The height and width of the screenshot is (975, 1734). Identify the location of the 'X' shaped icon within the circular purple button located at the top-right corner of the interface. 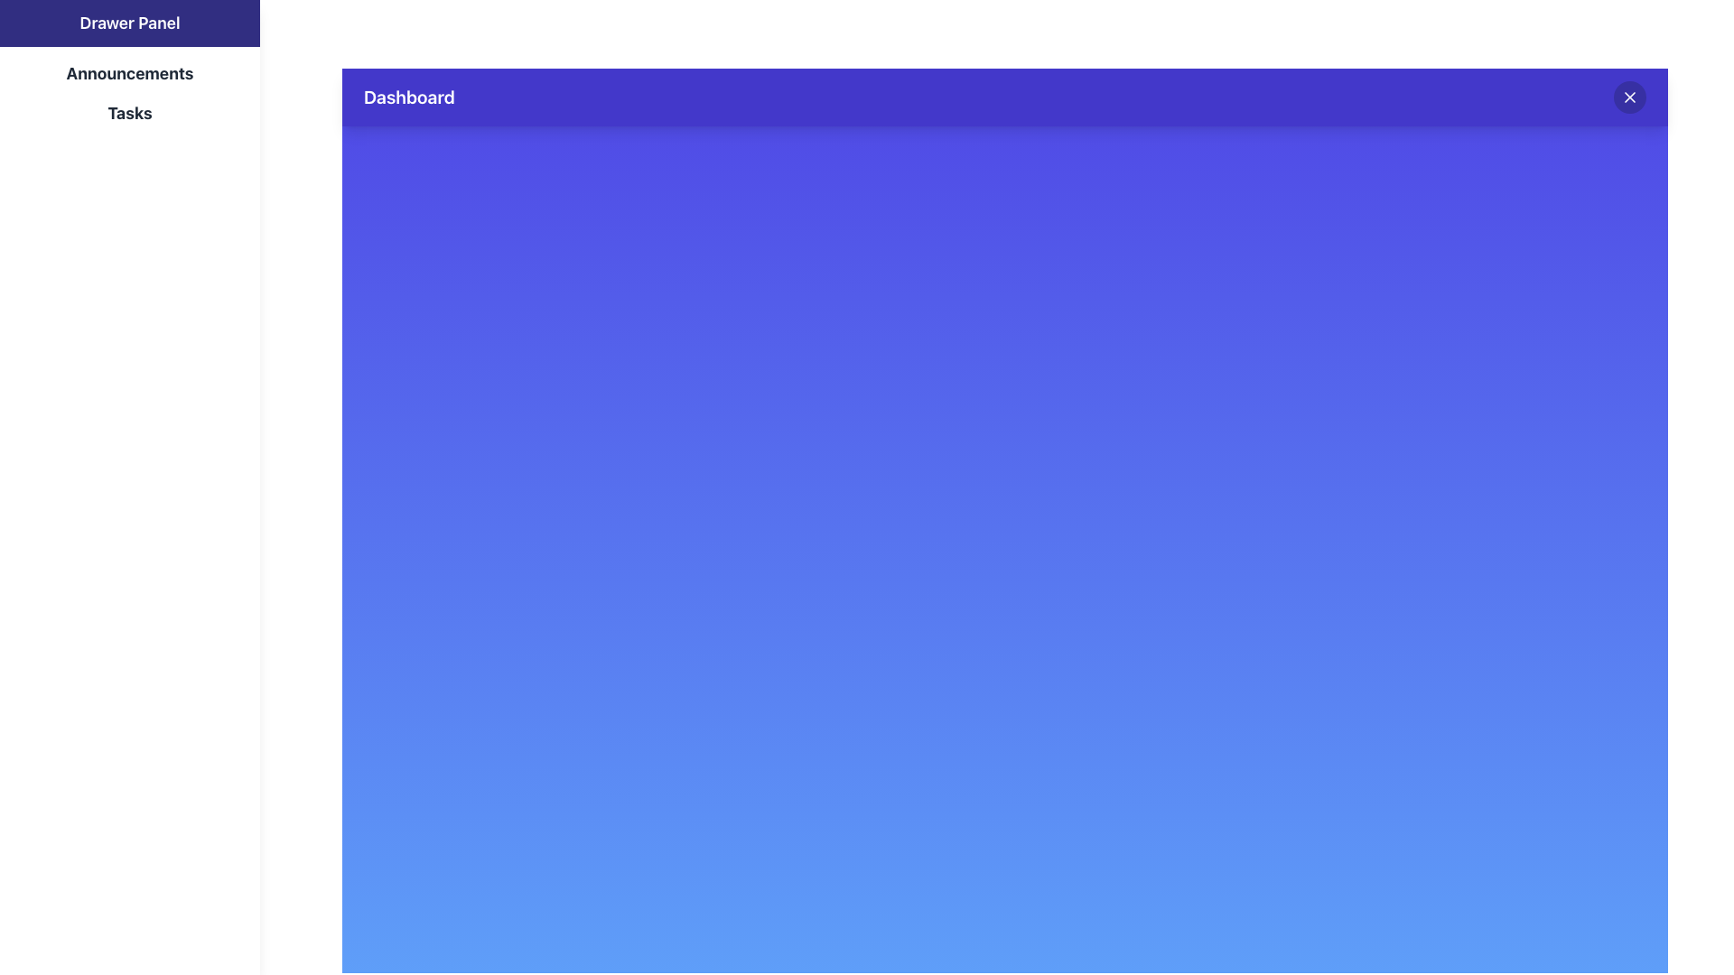
(1629, 97).